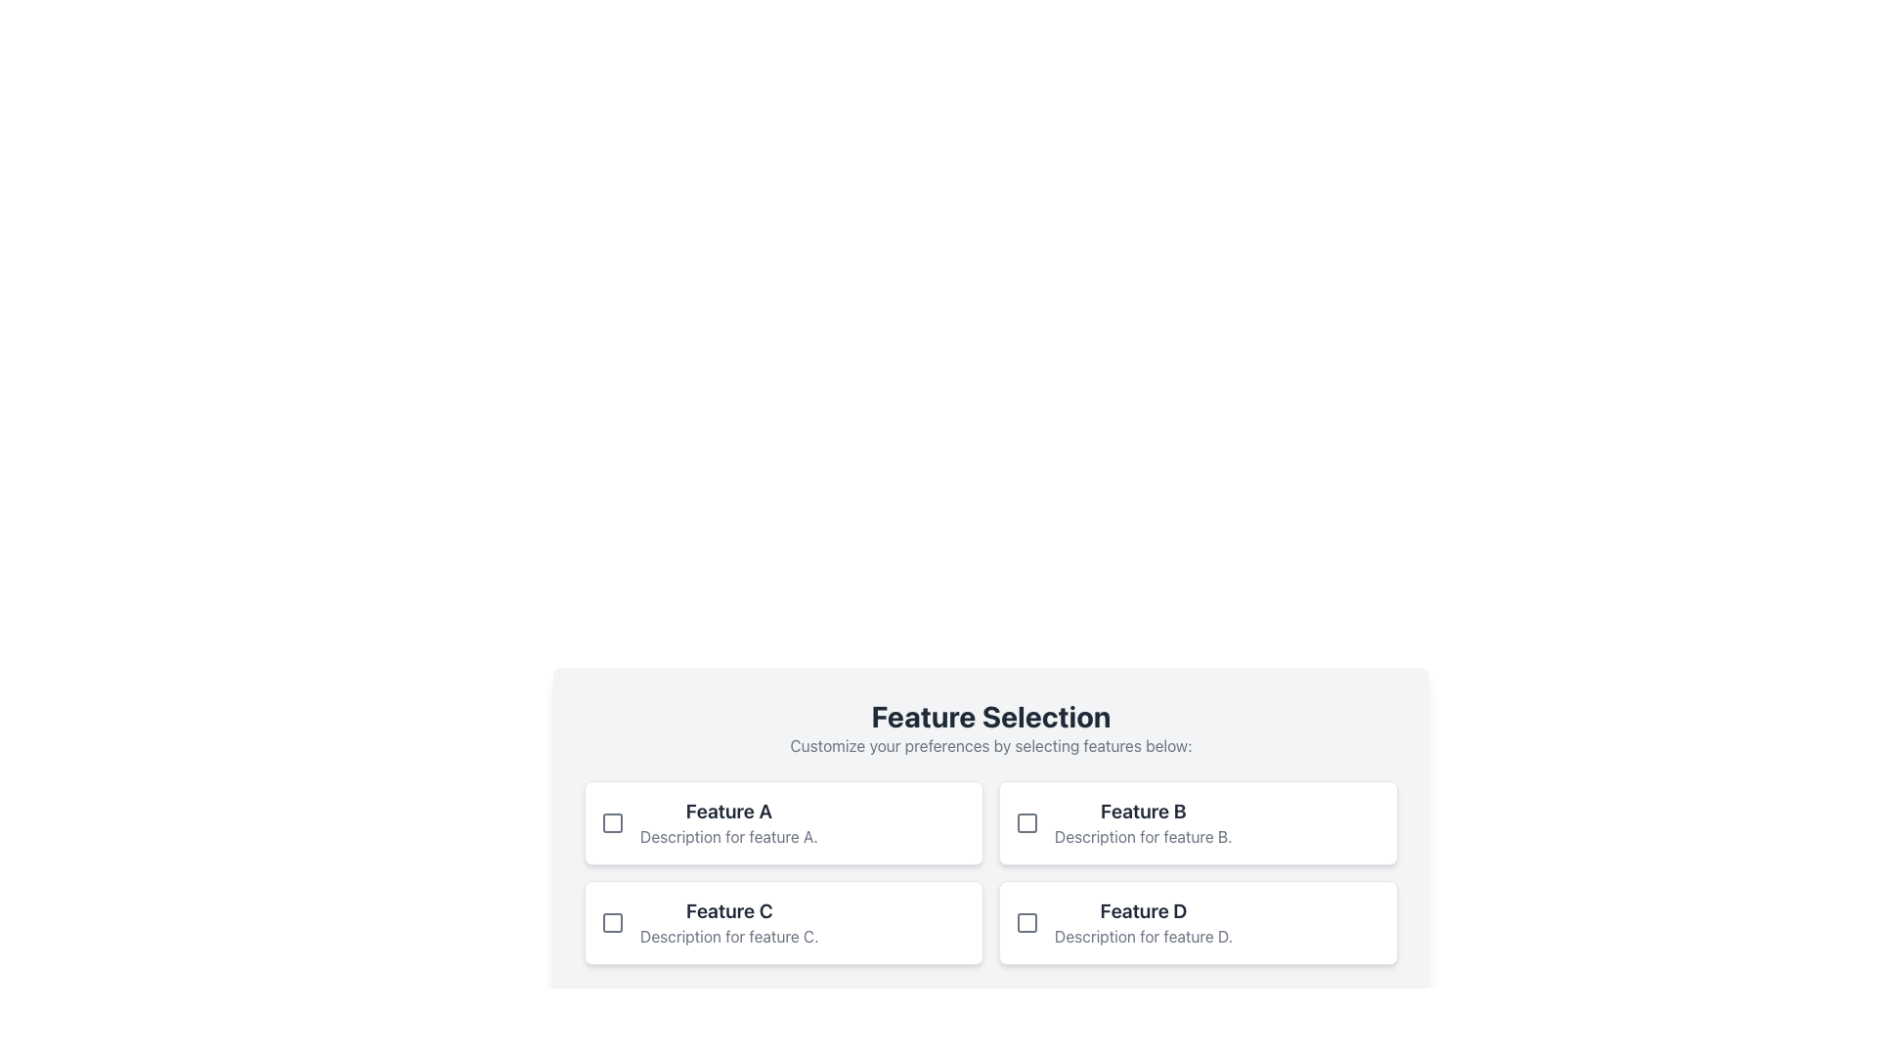 This screenshot has height=1056, width=1877. What do you see at coordinates (1026, 923) in the screenshot?
I see `the checkbox located` at bounding box center [1026, 923].